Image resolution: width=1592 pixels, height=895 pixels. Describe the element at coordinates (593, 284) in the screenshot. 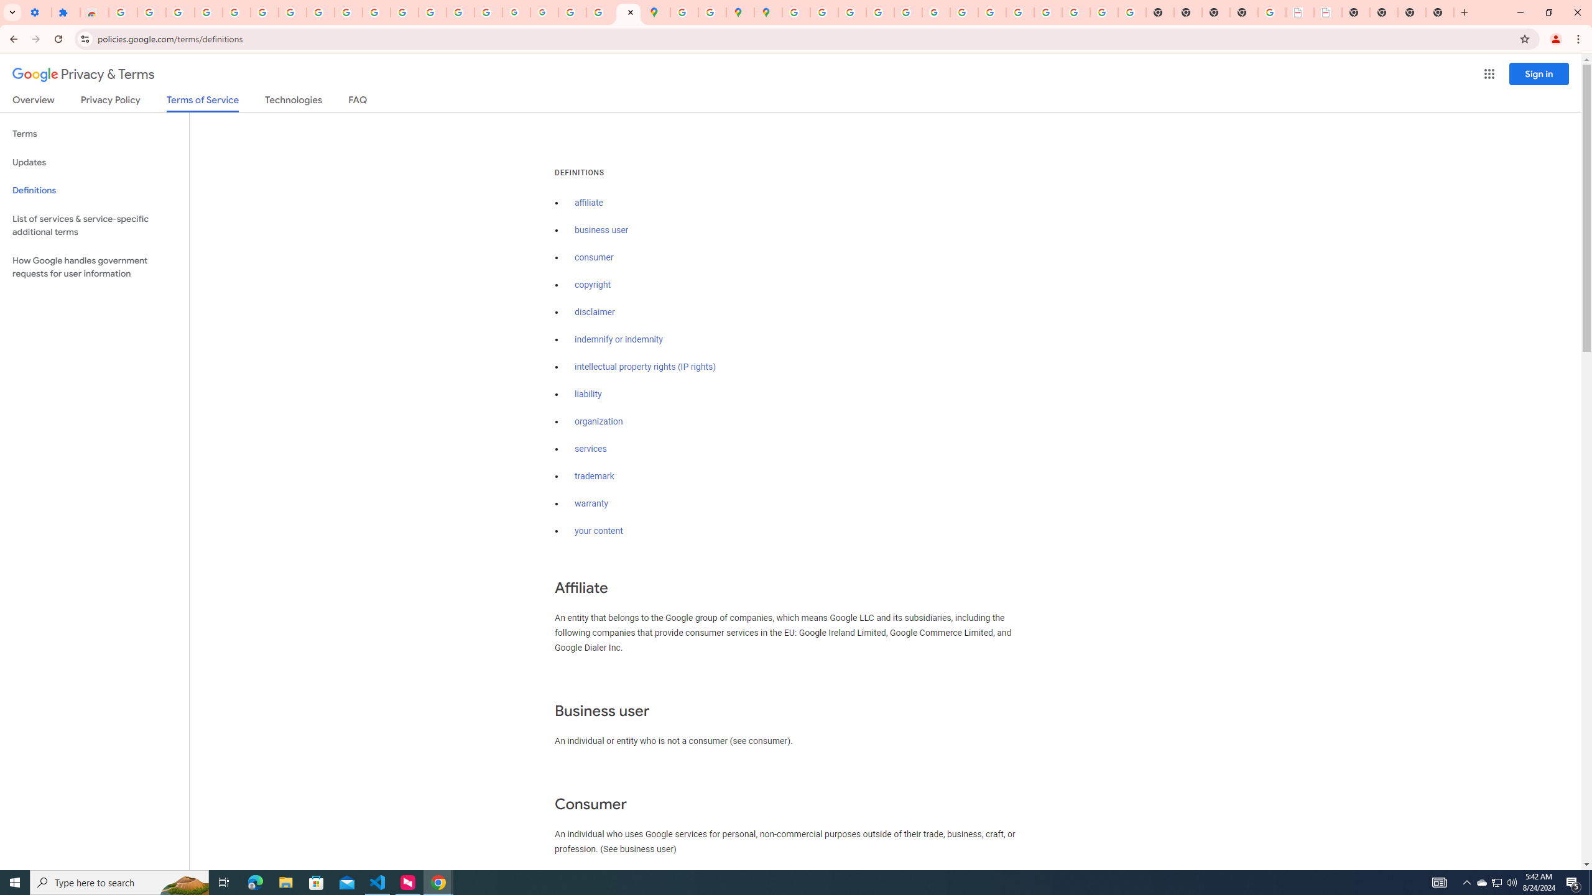

I see `'copyright'` at that location.